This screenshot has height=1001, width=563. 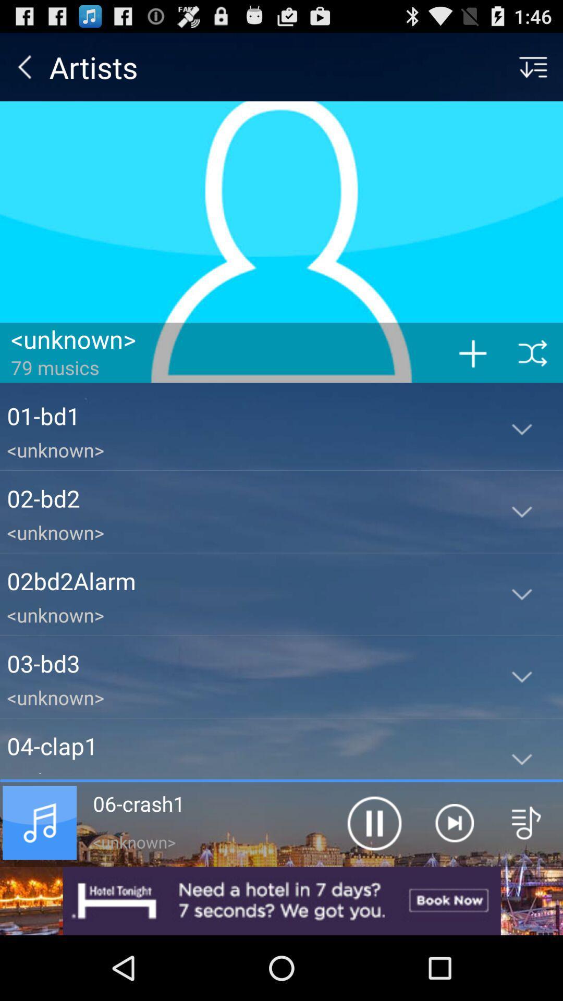 I want to click on the pause icon left side of forward symbol, so click(x=373, y=822).